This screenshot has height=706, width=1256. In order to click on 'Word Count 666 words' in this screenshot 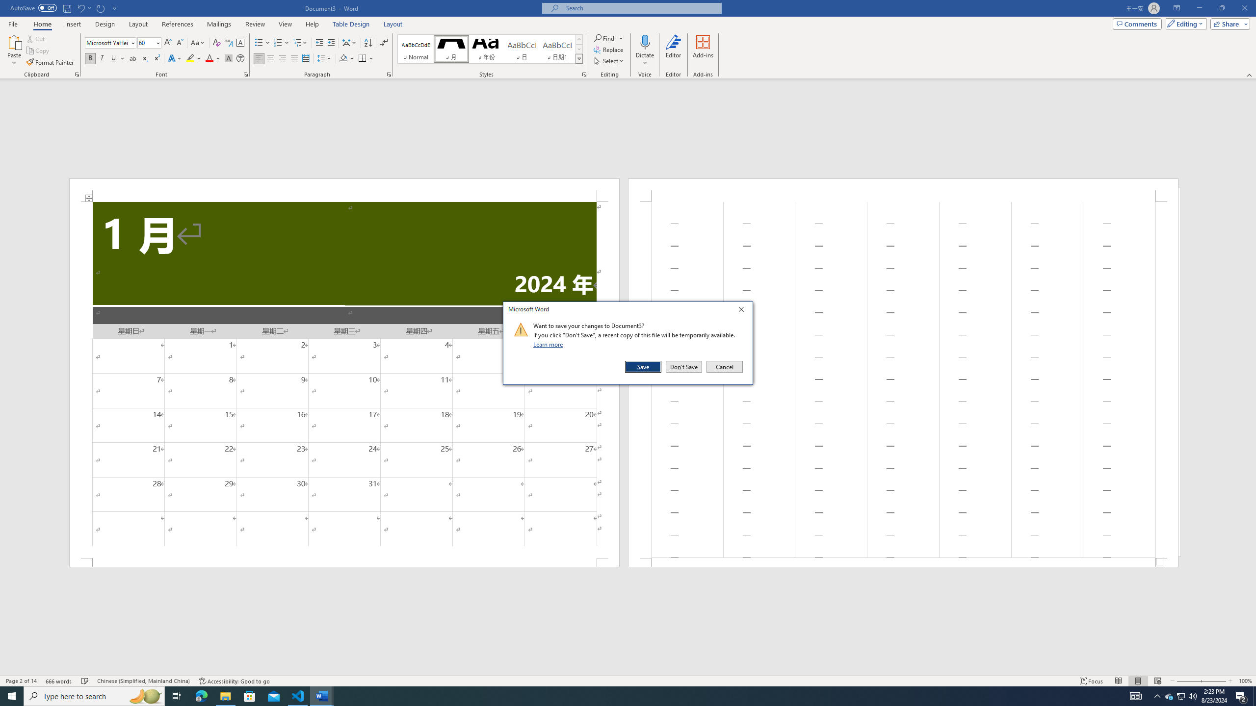, I will do `click(59, 681)`.